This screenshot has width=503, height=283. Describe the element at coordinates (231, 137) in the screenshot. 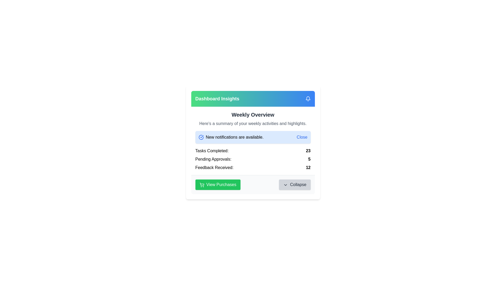

I see `the static text label that reads 'New notifications are available,' which is positioned to the right of a blue check mark icon and left of a 'Close' button in the notification section` at that location.